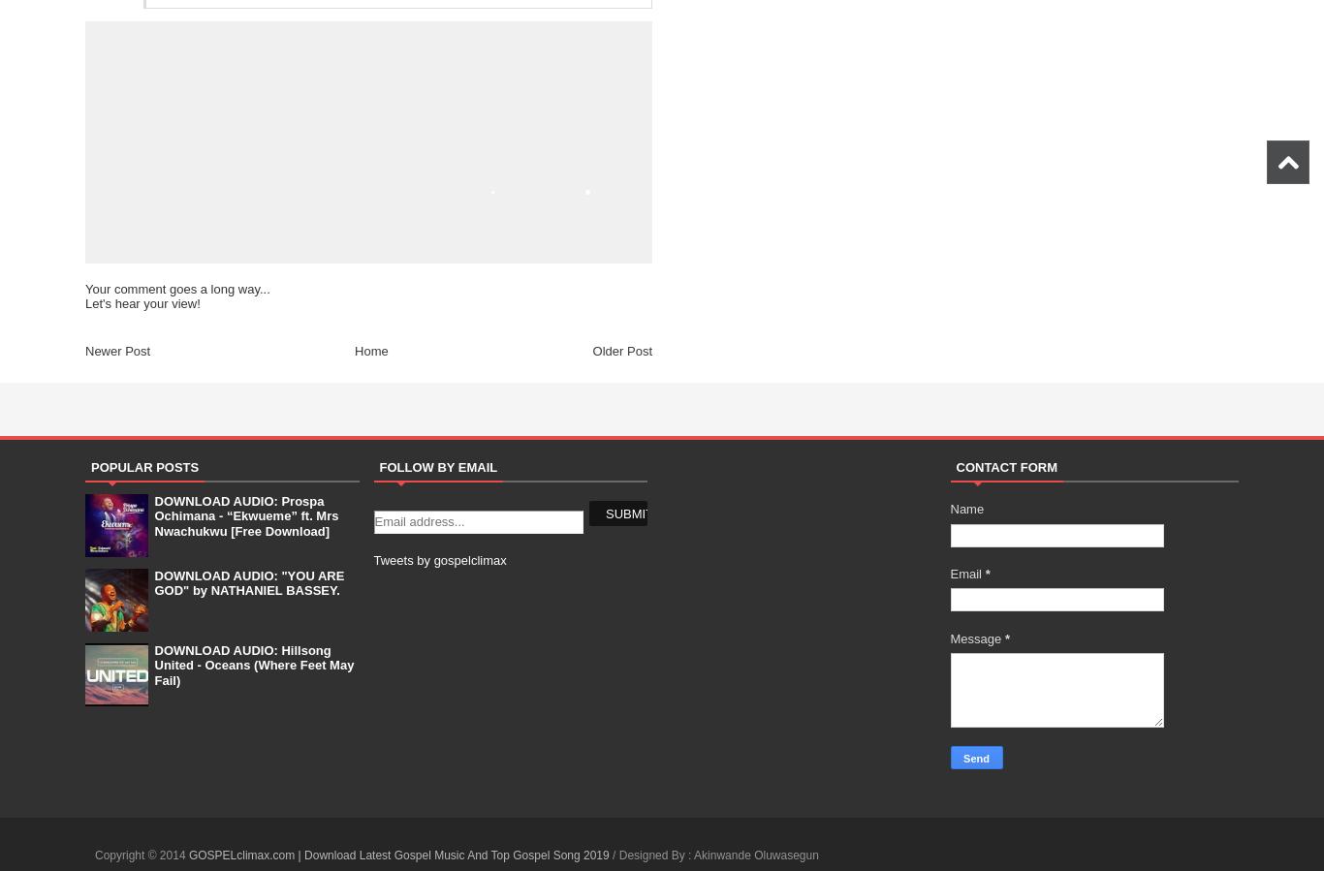 The width and height of the screenshot is (1324, 871). I want to click on 'Let's hear your view!', so click(141, 302).